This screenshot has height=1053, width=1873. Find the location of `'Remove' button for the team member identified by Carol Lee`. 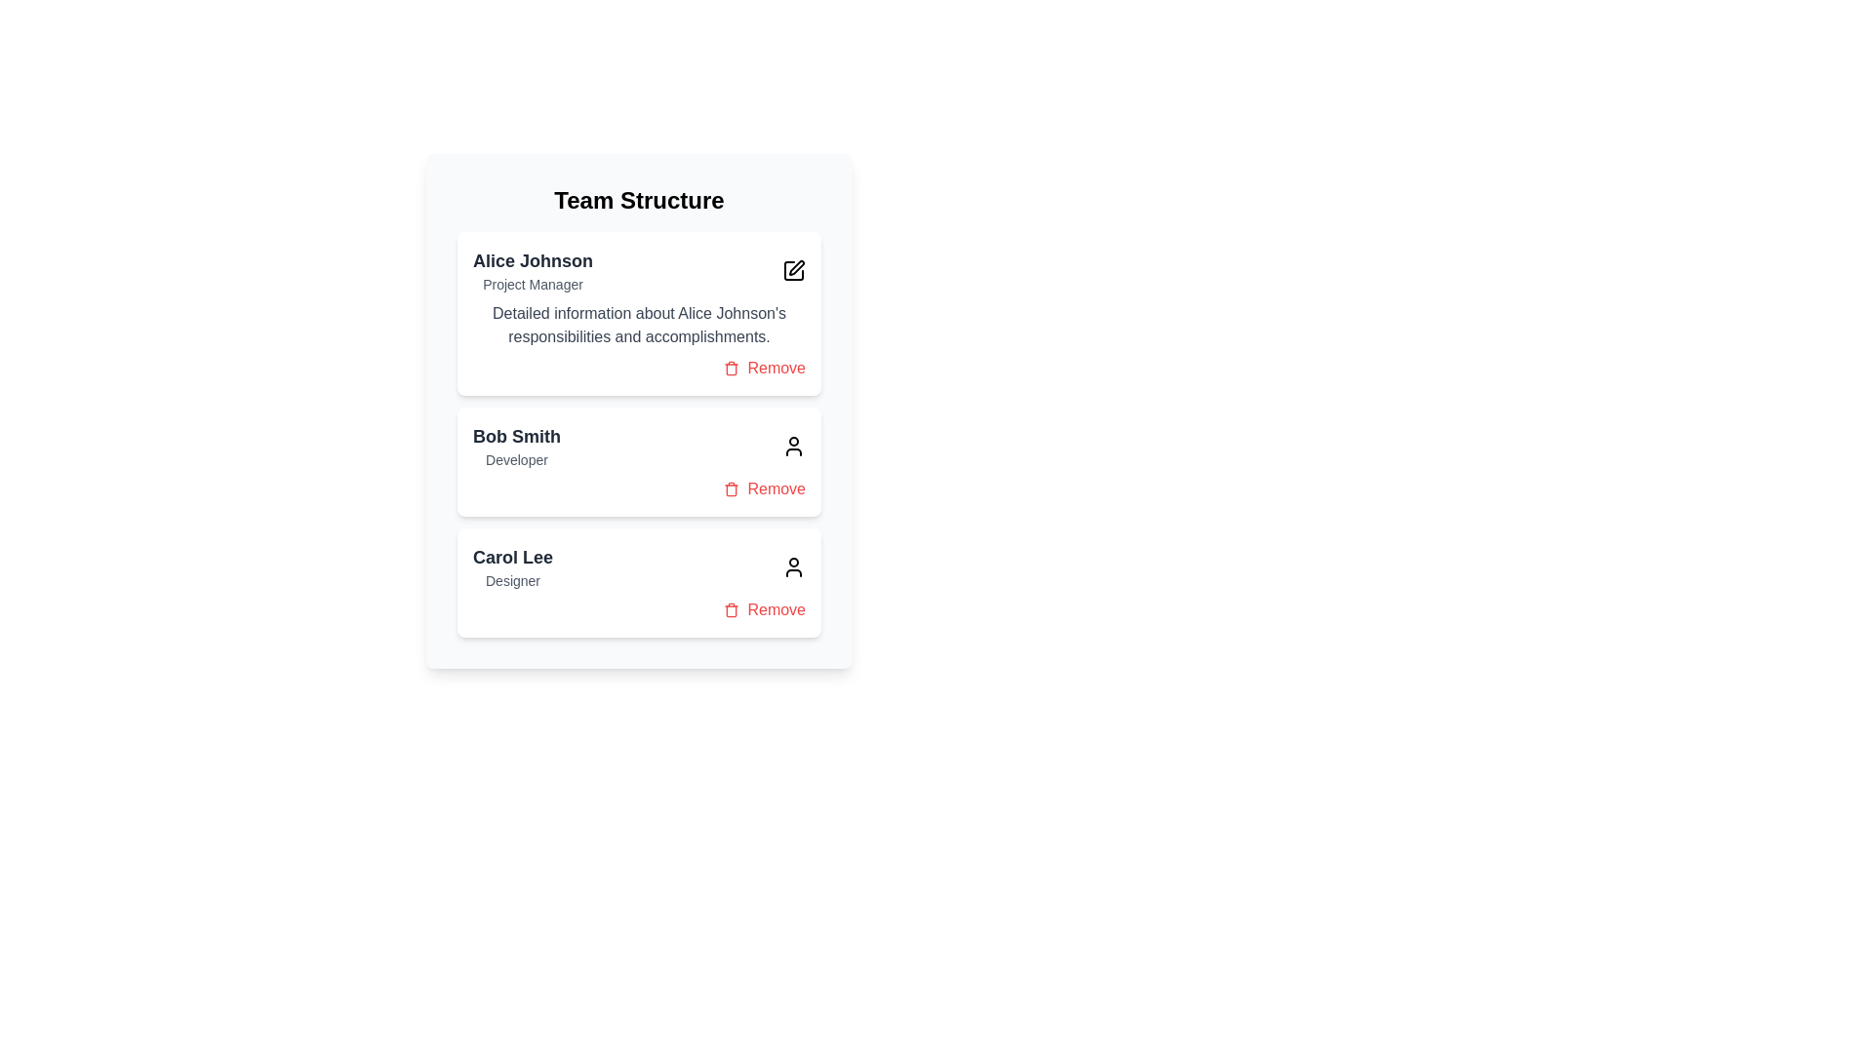

'Remove' button for the team member identified by Carol Lee is located at coordinates (763, 608).